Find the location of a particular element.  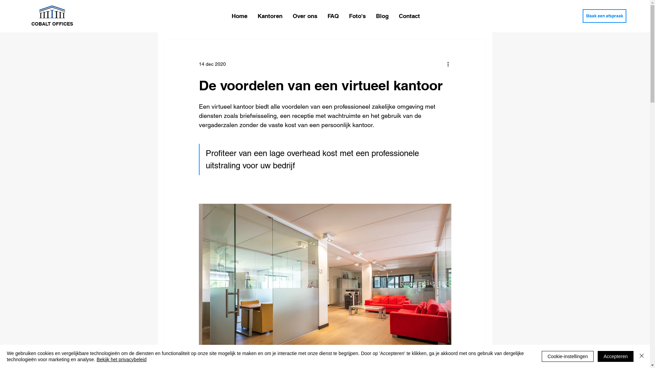

'Over ons' is located at coordinates (304, 15).